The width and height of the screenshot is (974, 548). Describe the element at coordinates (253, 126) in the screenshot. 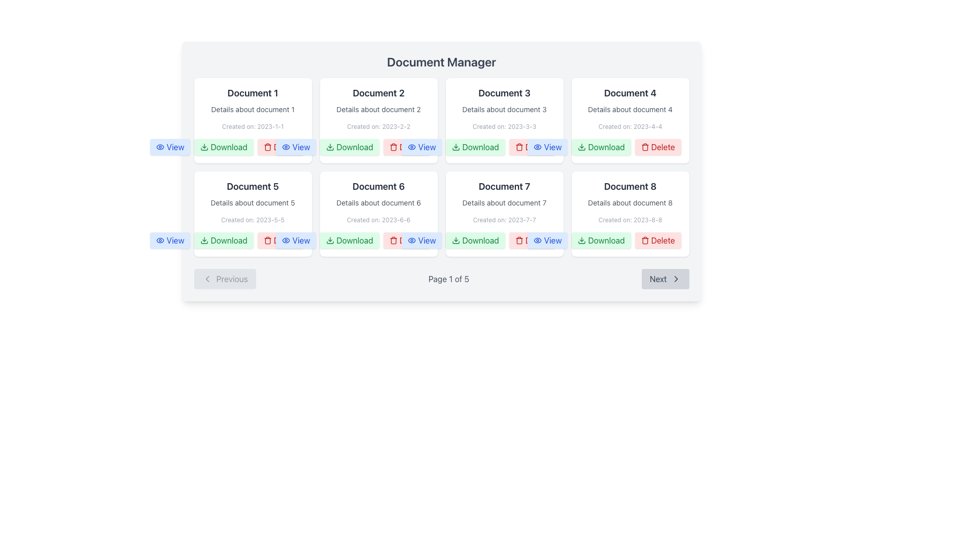

I see `the text label that provides metadata about the creation date of 'Document 1', located in the first card of the grid layout under 'Document 1' and 'Details about document 1'` at that location.